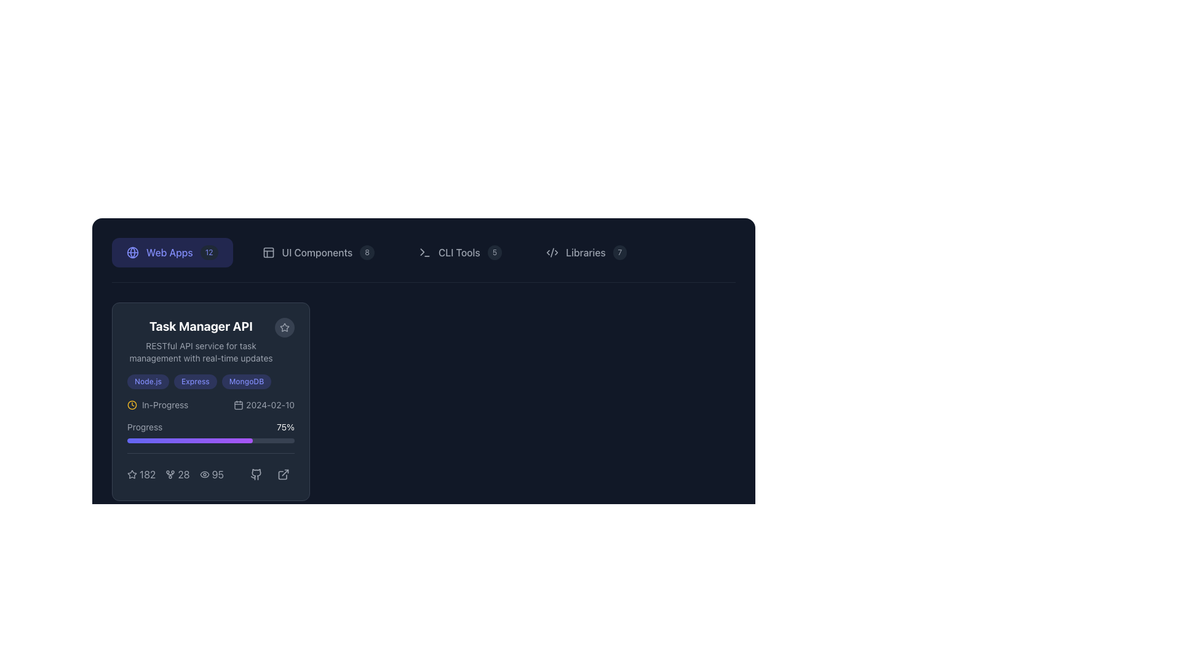  I want to click on the progress and status information represented by the progress bar in the 'Task Manager API' card located in the lower portion of the card, so click(210, 441).